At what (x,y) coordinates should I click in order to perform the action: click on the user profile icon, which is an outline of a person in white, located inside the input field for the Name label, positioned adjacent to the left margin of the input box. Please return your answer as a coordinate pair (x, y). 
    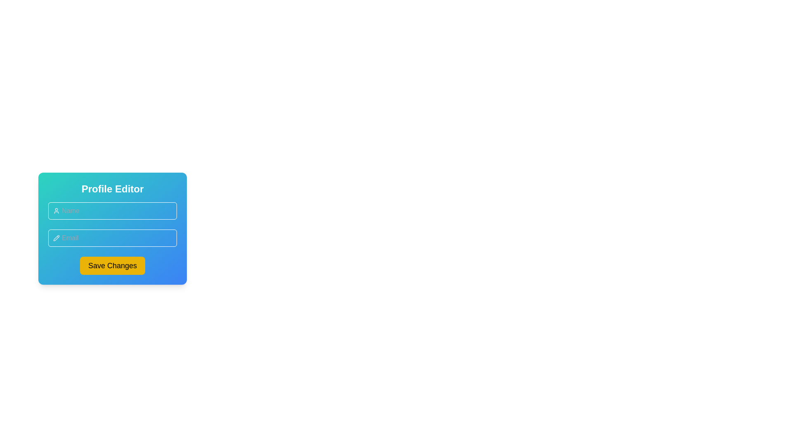
    Looking at the image, I should click on (56, 211).